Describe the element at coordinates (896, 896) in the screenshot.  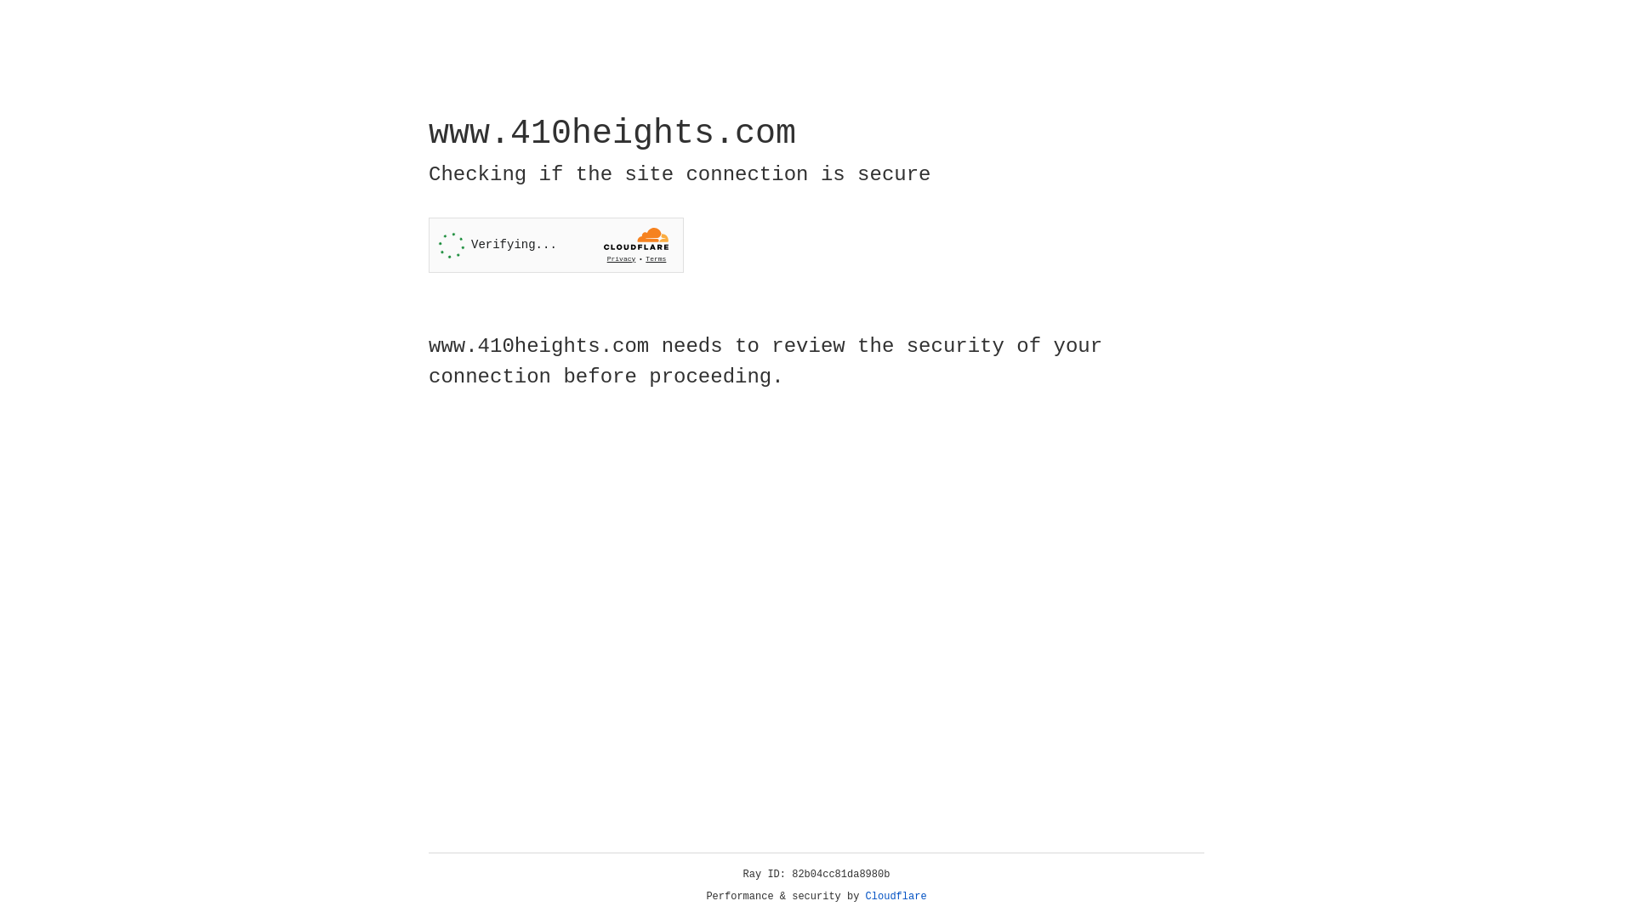
I see `'Cloudflare'` at that location.